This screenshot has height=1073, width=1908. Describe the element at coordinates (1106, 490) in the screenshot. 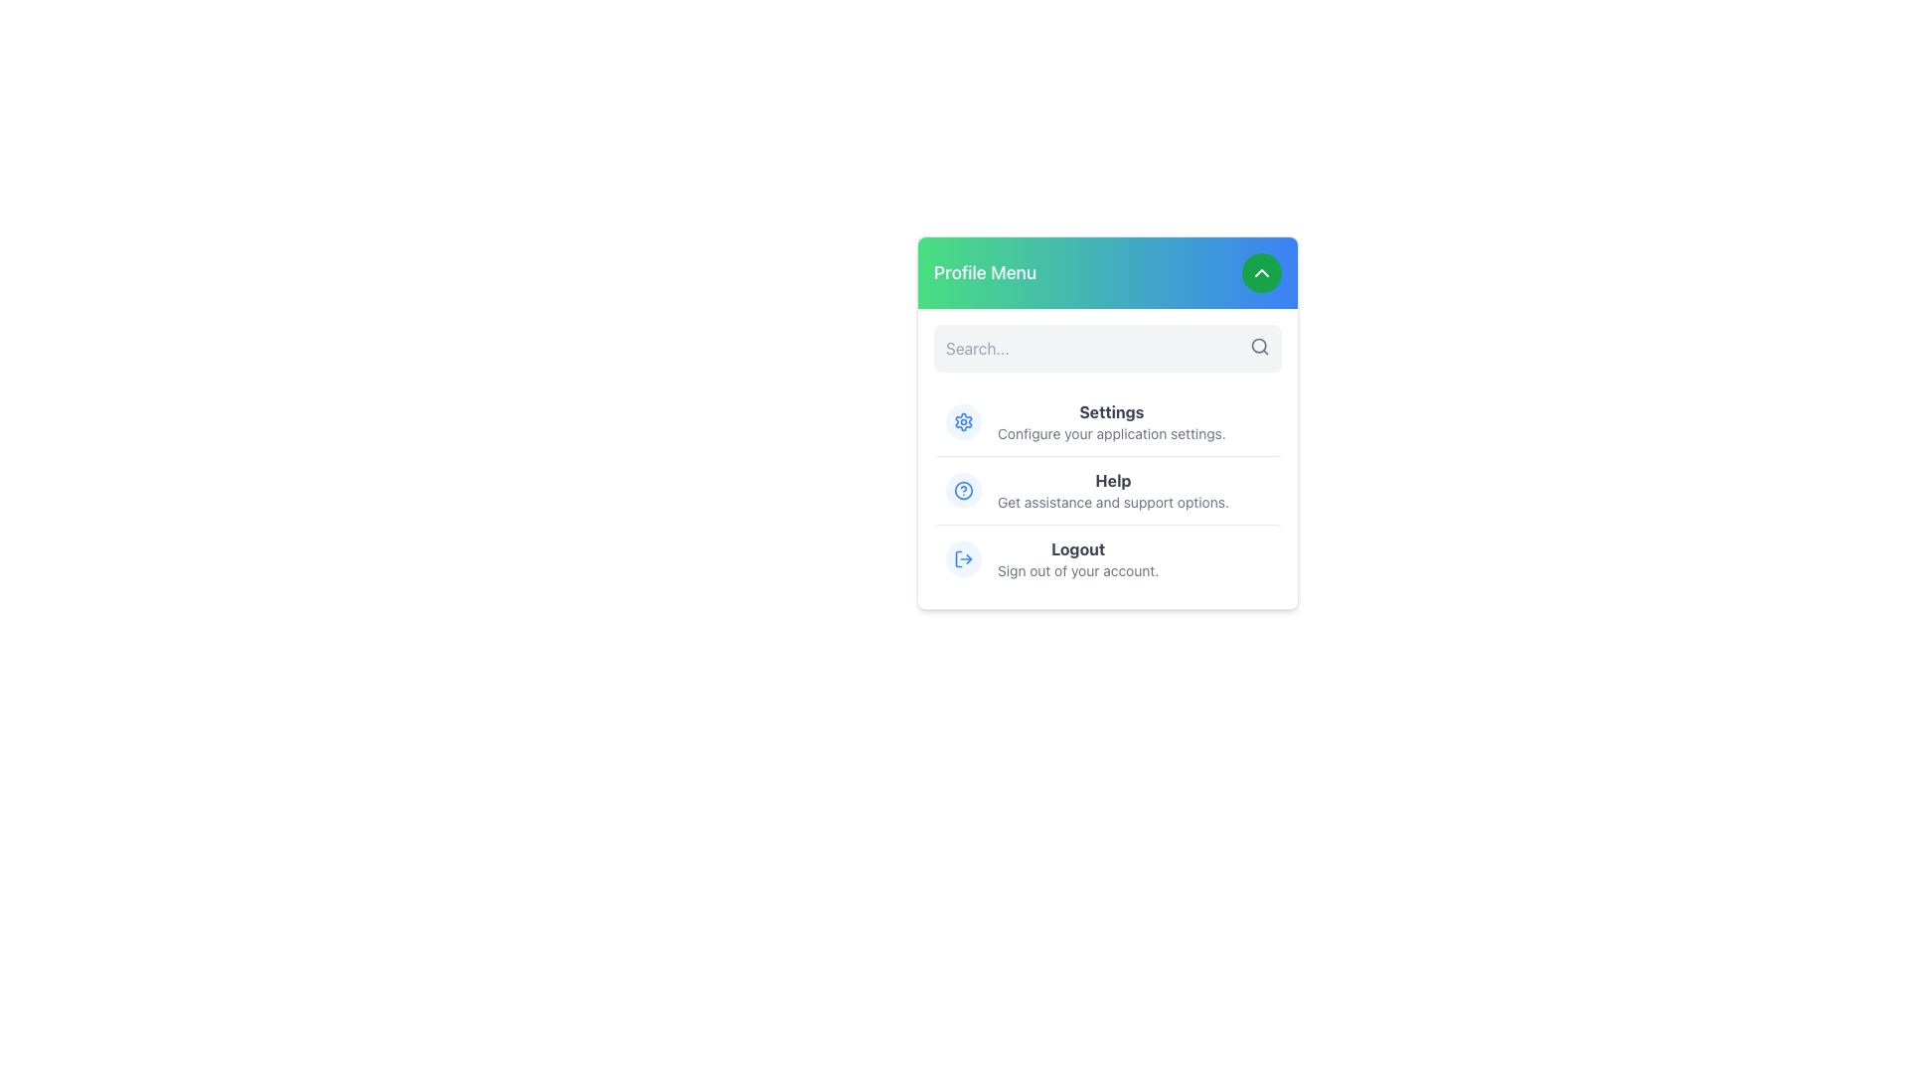

I see `the 'Help' menu item in the Profile Menu` at that location.